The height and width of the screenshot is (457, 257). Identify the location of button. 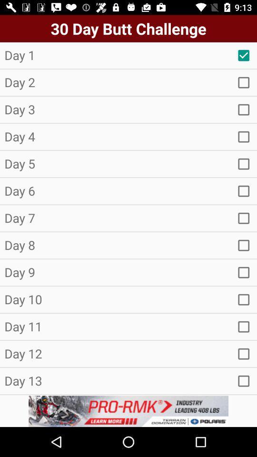
(244, 381).